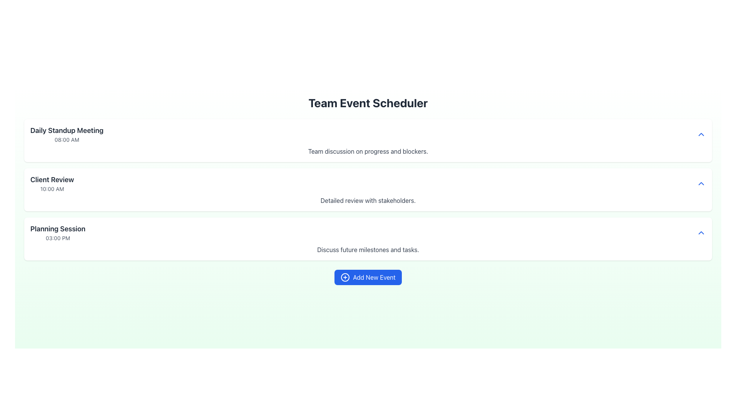 The width and height of the screenshot is (739, 415). Describe the element at coordinates (345, 277) in the screenshot. I see `the circular plus icon located on the left side of the 'Add New Event' button at the bottom center of the interface` at that location.